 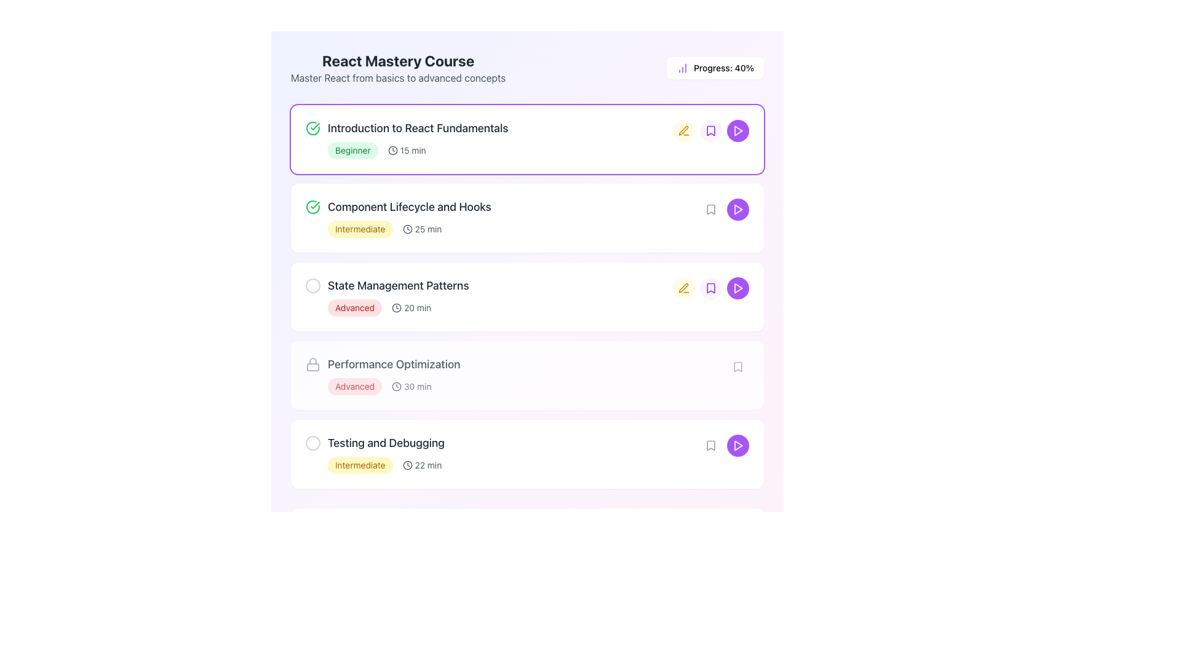 What do you see at coordinates (359, 229) in the screenshot?
I see `the 'Intermediate' label` at bounding box center [359, 229].